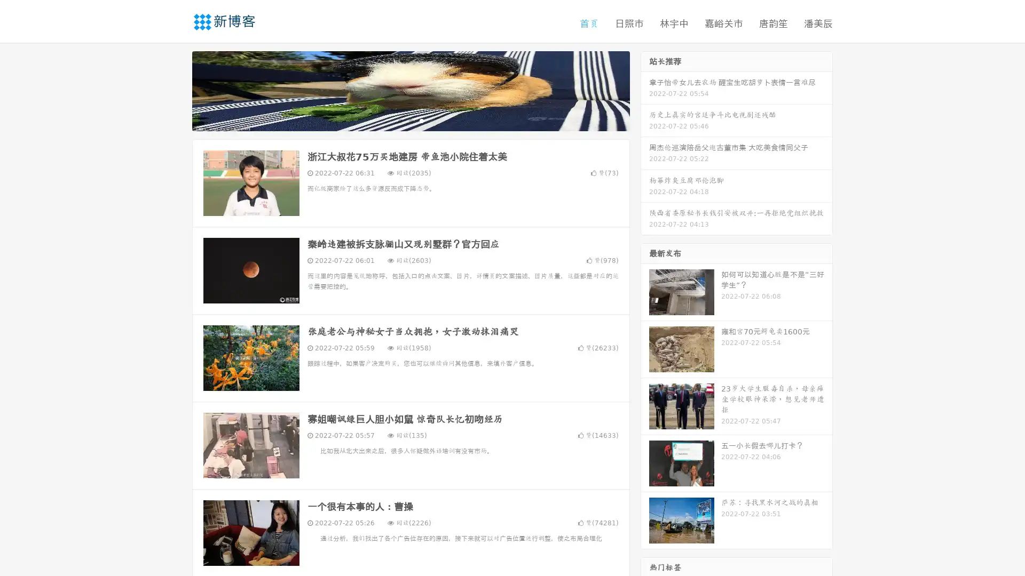 The height and width of the screenshot is (576, 1025). I want to click on Go to slide 2, so click(410, 120).